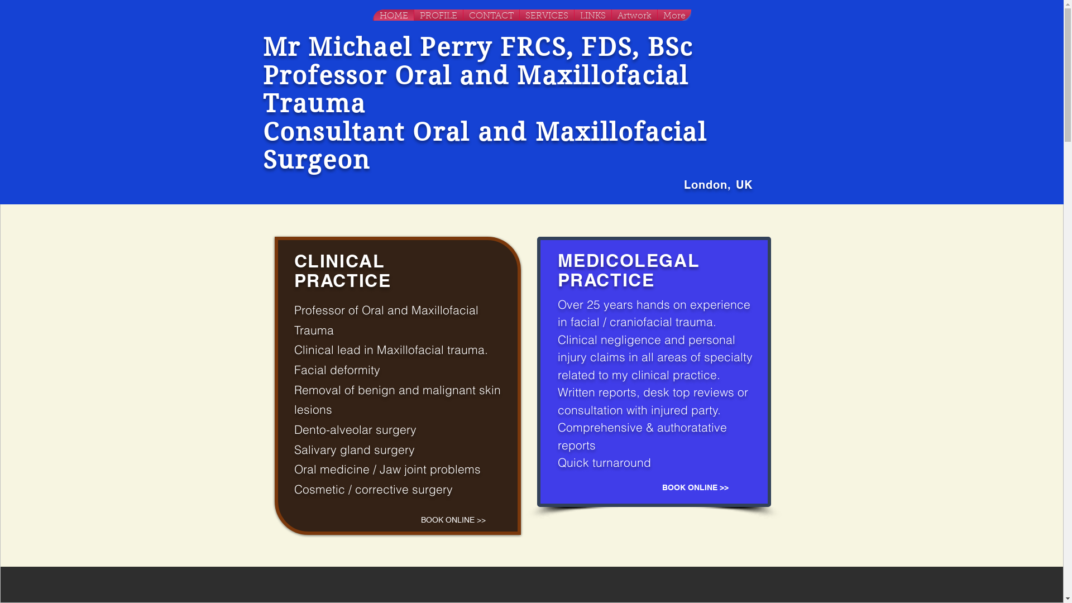 This screenshot has height=603, width=1072. Describe the element at coordinates (394, 15) in the screenshot. I see `'HOME'` at that location.